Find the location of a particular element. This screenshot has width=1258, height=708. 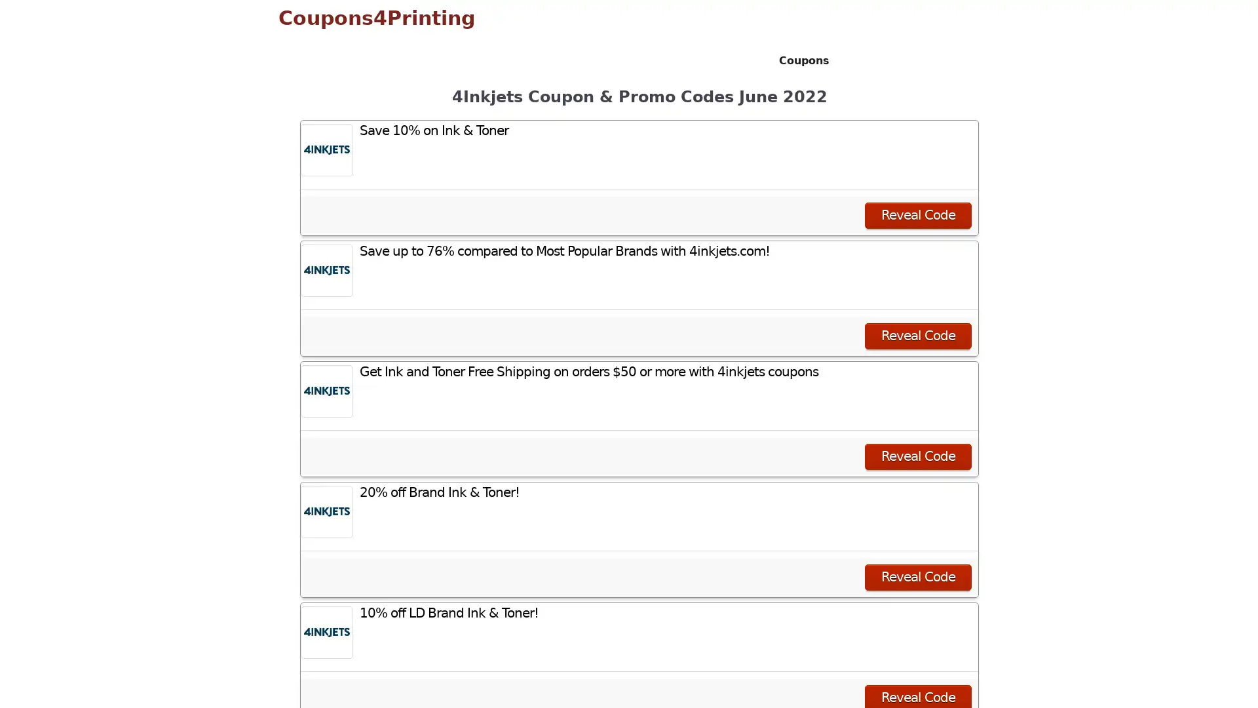

Reveal Code is located at coordinates (917, 214).